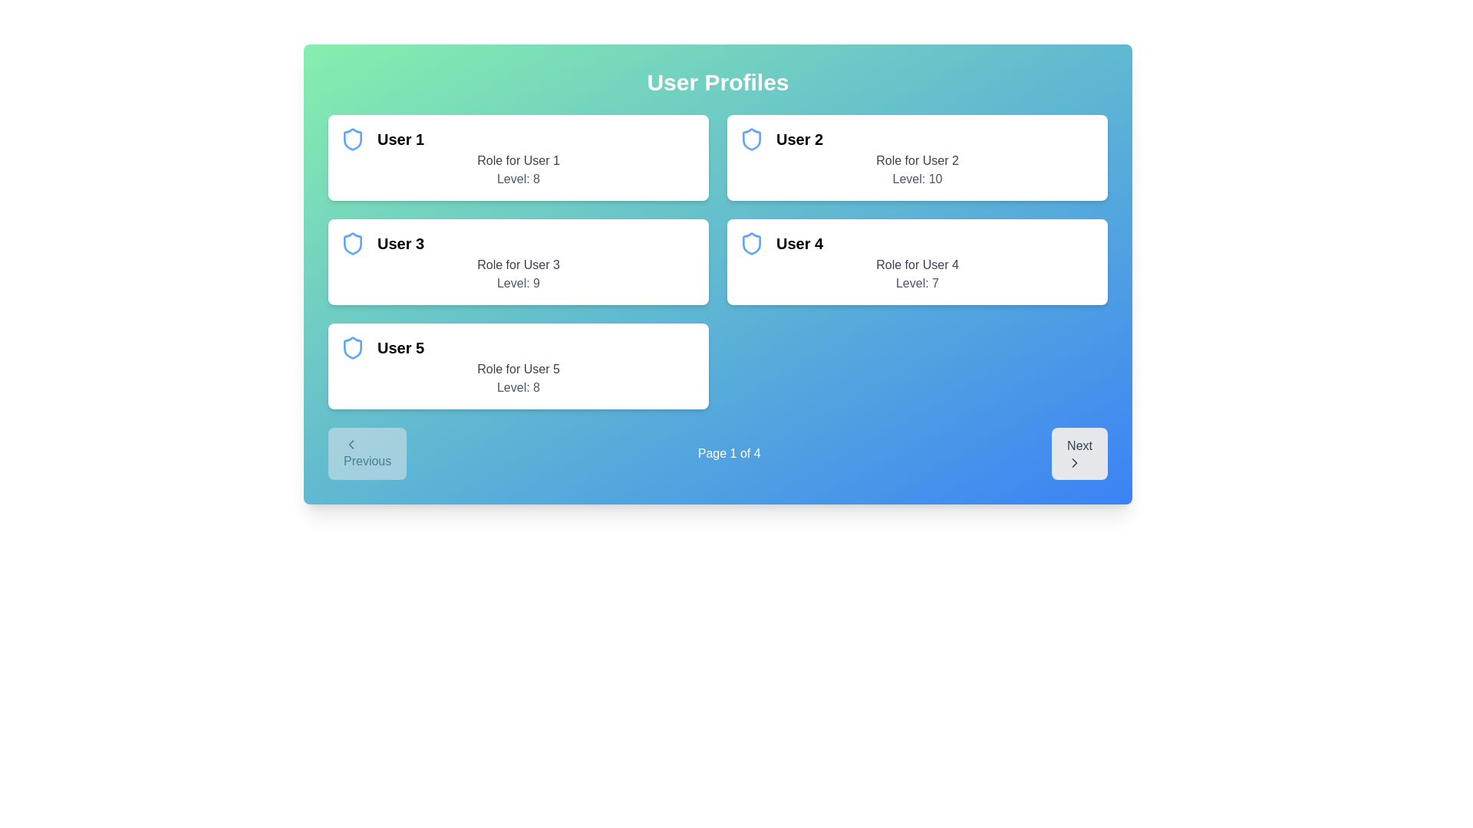 This screenshot has width=1473, height=828. Describe the element at coordinates (352, 242) in the screenshot. I see `the visual state of the shield-shaped blue-colored icon next to the user label 'User 3'` at that location.